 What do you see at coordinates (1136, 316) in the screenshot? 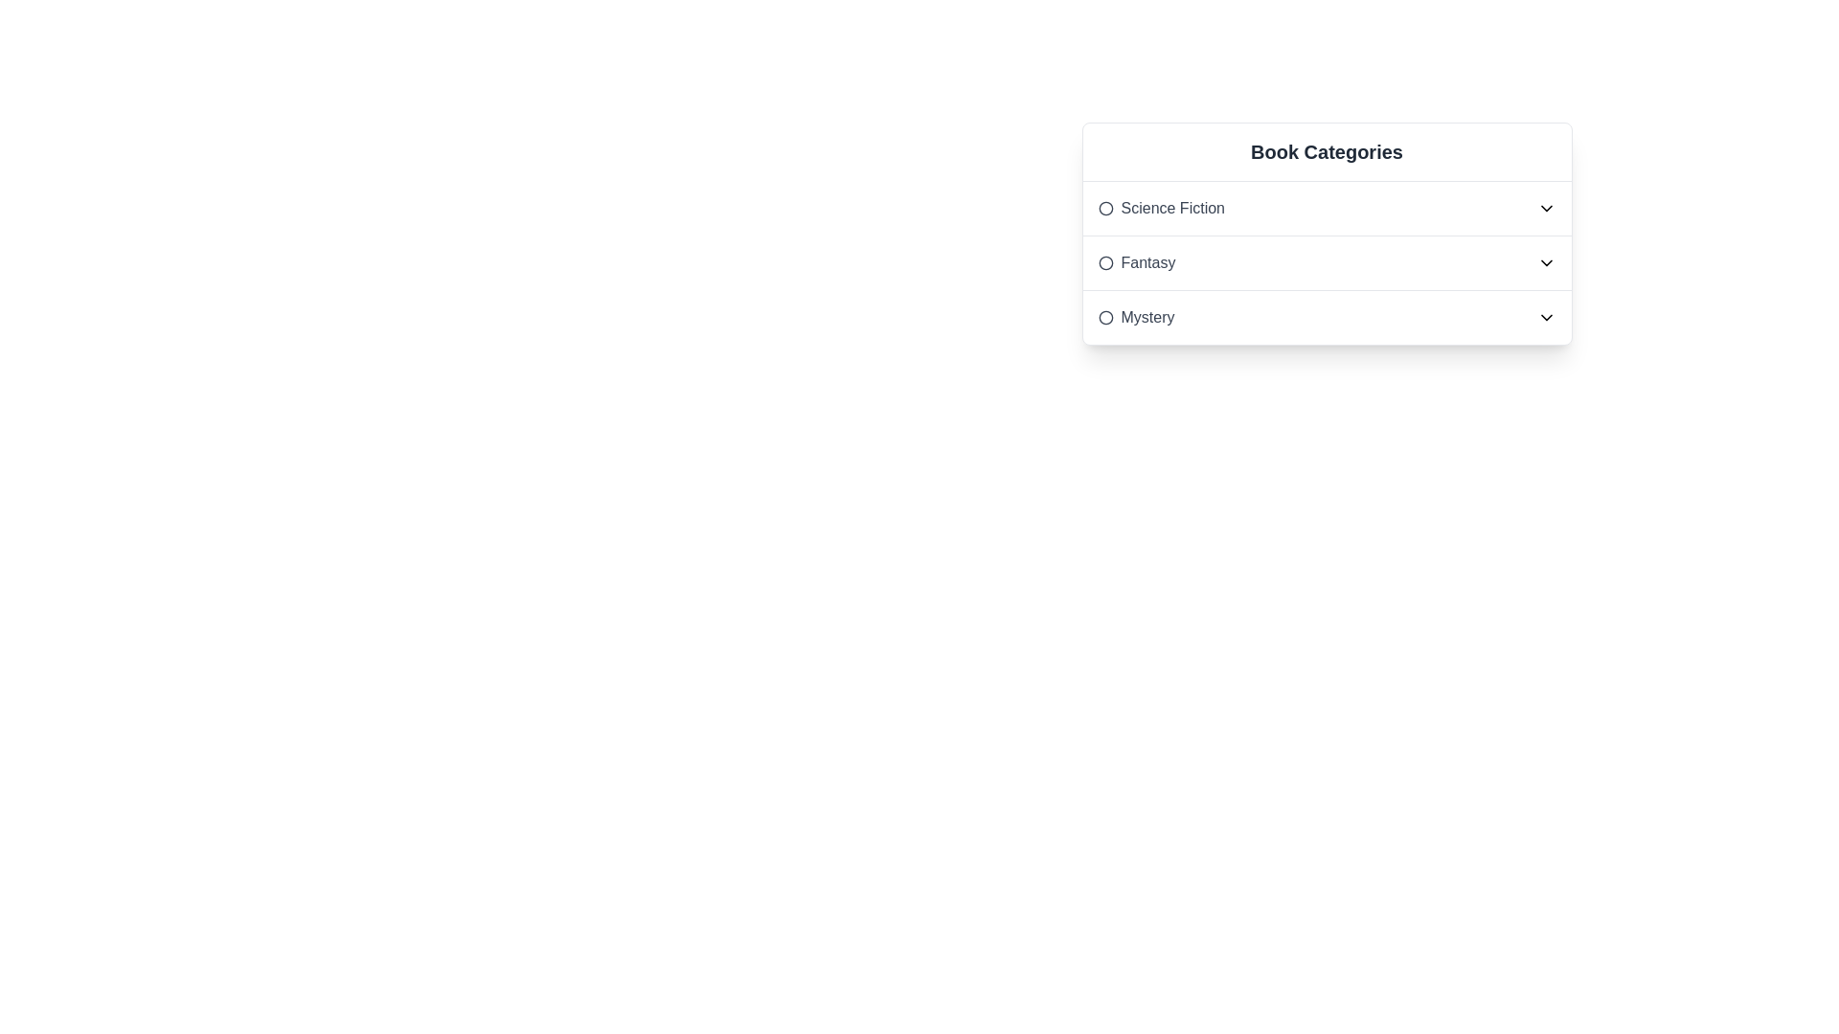
I see `the static text label that identifies the book category 'Mystery' in the vertical list of book categories` at bounding box center [1136, 316].